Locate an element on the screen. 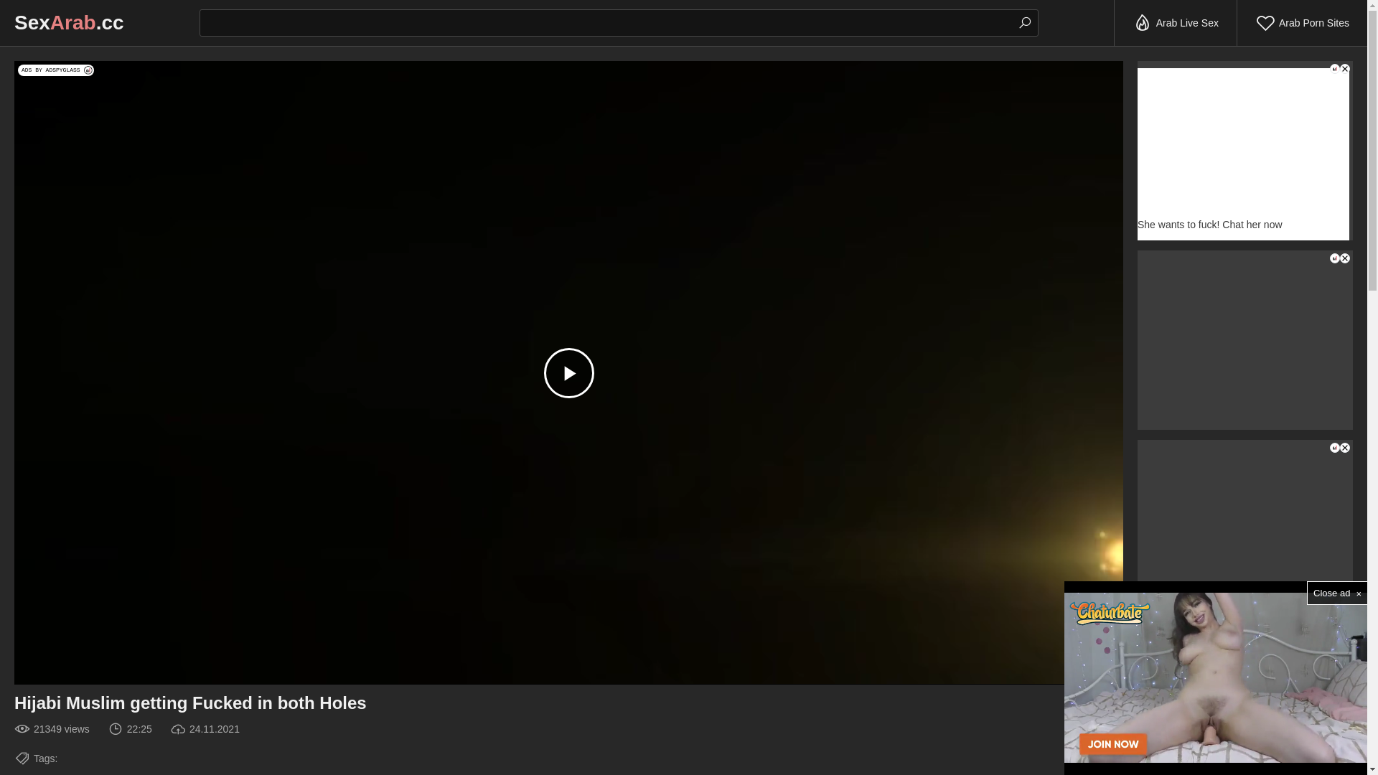  'ADS BY ADSPYGLASS' is located at coordinates (55, 70).